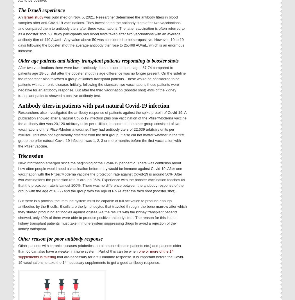 The height and width of the screenshot is (300, 295). What do you see at coordinates (18, 105) in the screenshot?
I see `'Antibody titers in patients with past natural Covid-19 infection'` at bounding box center [18, 105].